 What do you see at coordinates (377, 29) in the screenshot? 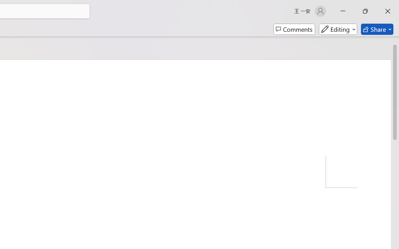
I see `'Share'` at bounding box center [377, 29].